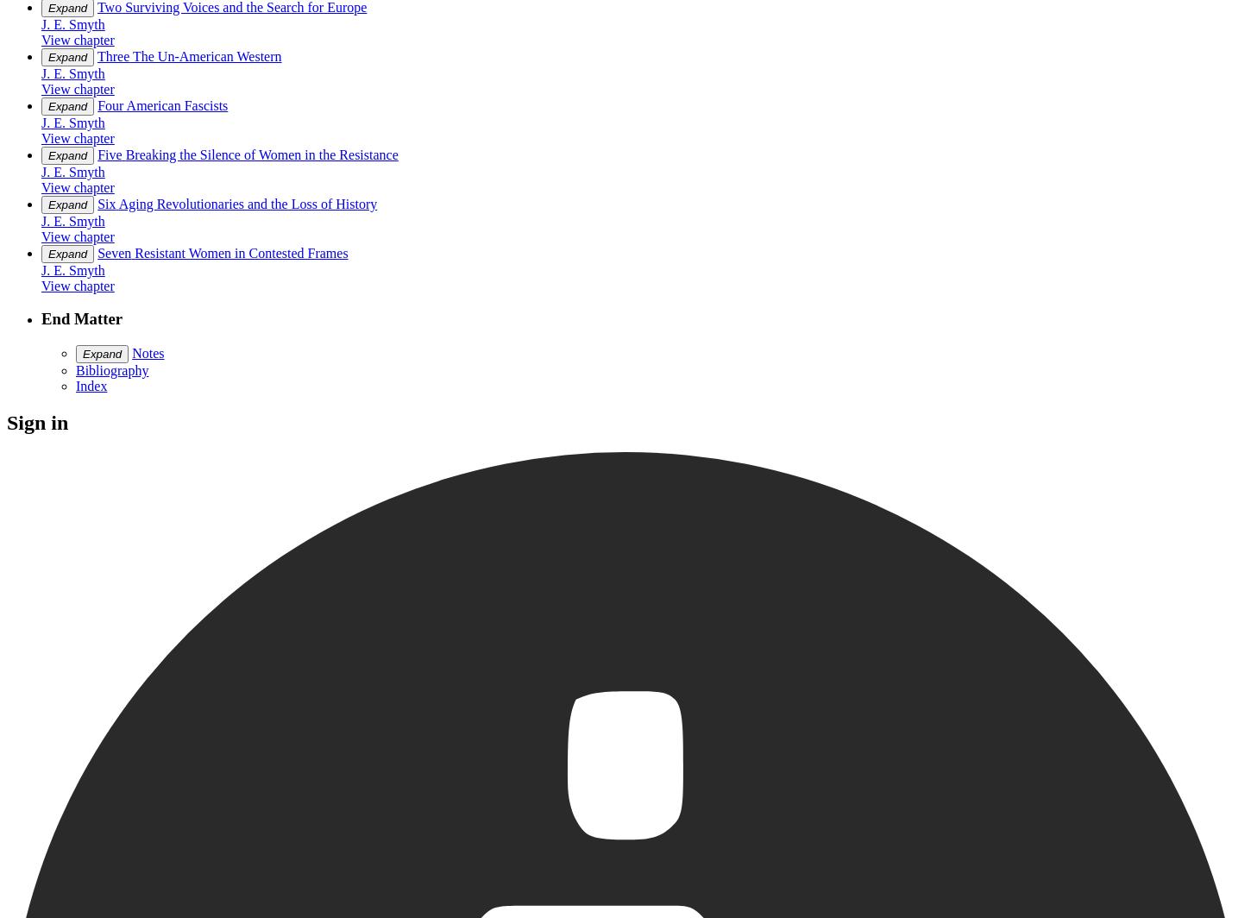 The image size is (1251, 918). What do you see at coordinates (111, 370) in the screenshot?
I see `'Bibliography'` at bounding box center [111, 370].